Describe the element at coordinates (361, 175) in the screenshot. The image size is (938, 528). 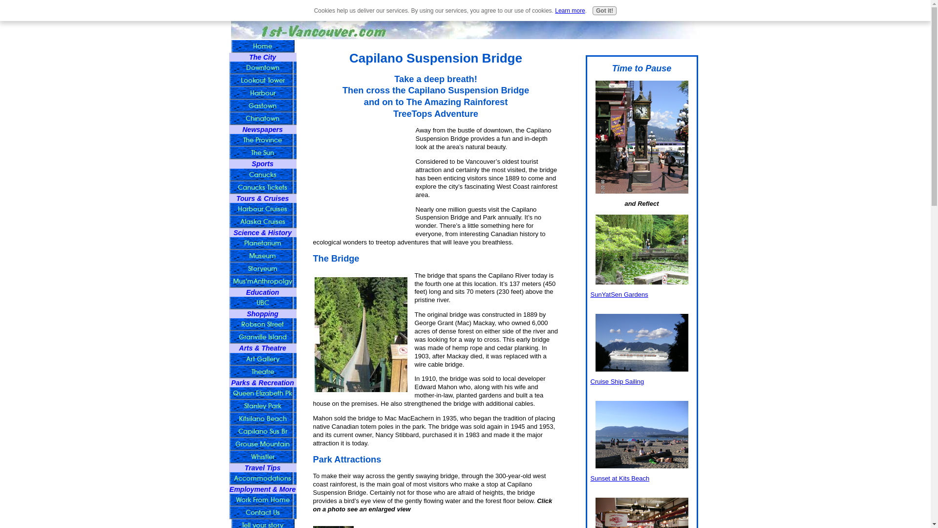
I see `'Advertisement'` at that location.